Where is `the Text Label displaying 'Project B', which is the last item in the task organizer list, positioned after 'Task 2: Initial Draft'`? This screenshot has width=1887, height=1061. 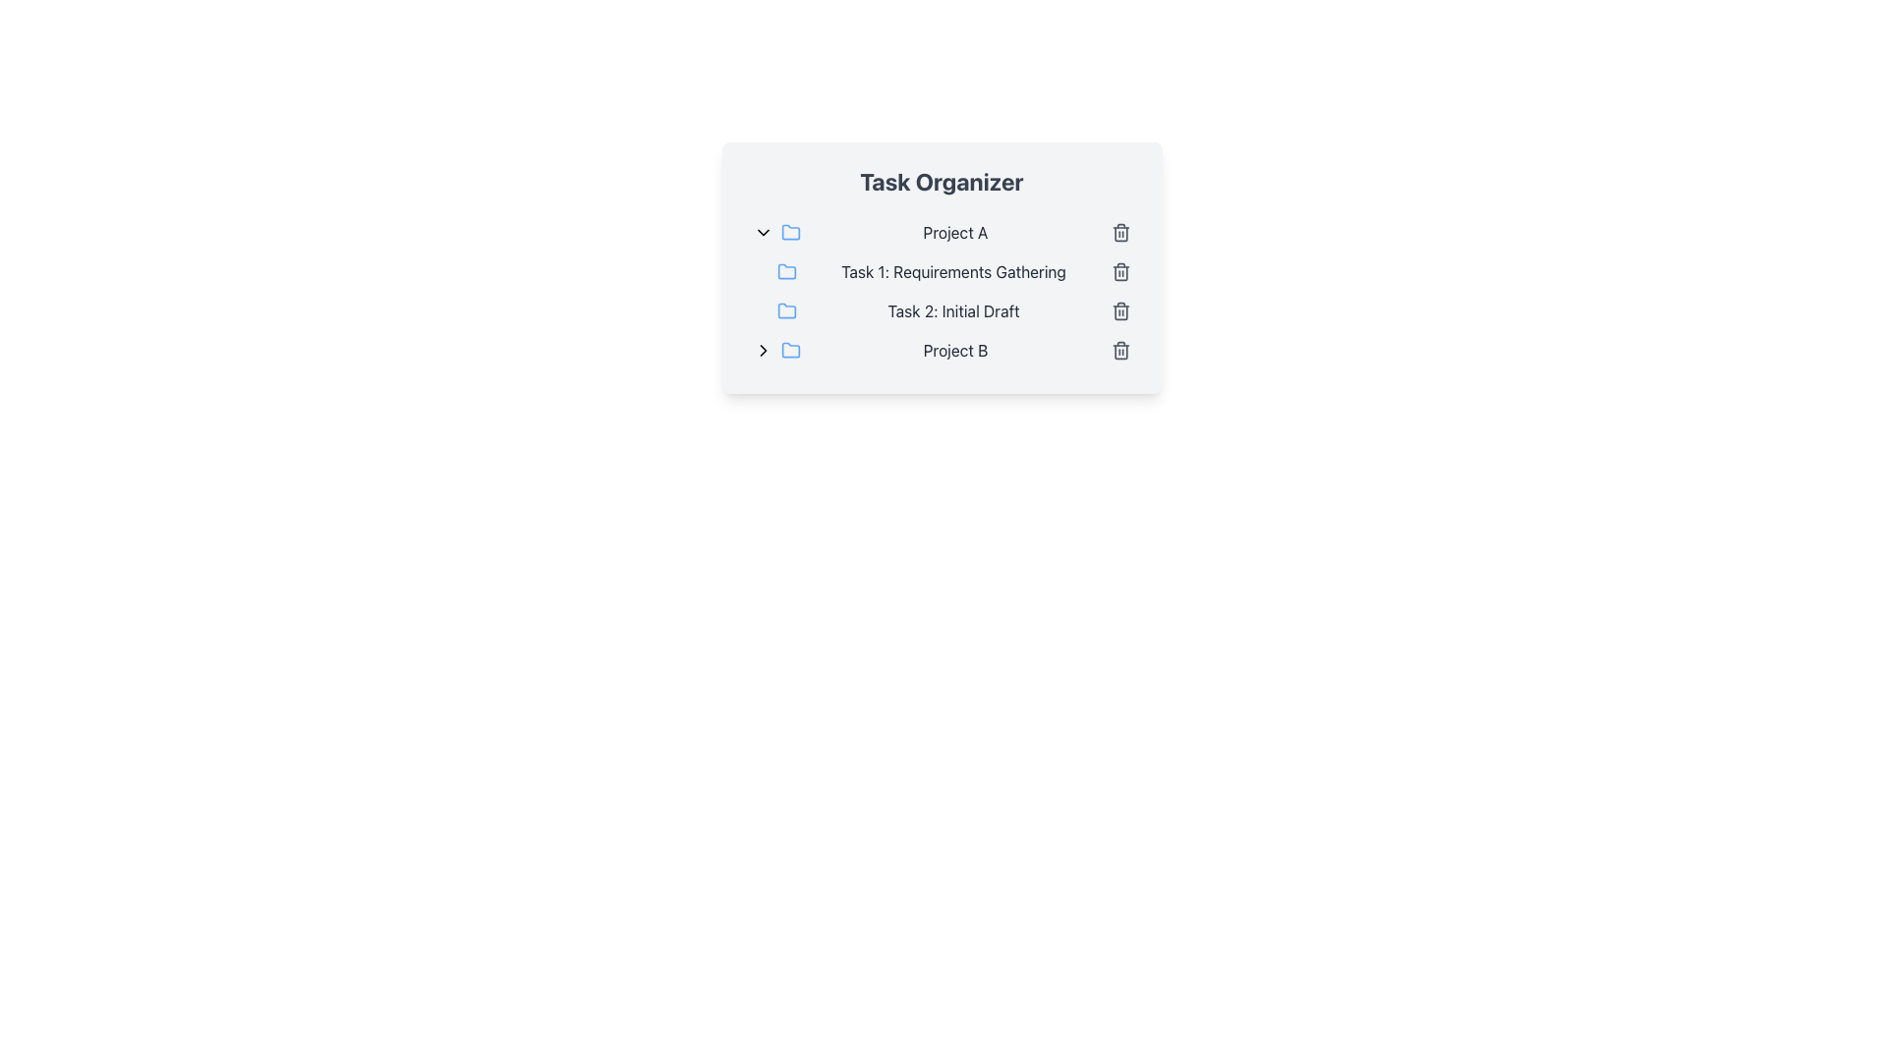
the Text Label displaying 'Project B', which is the last item in the task organizer list, positioned after 'Task 2: Initial Draft' is located at coordinates (955, 350).